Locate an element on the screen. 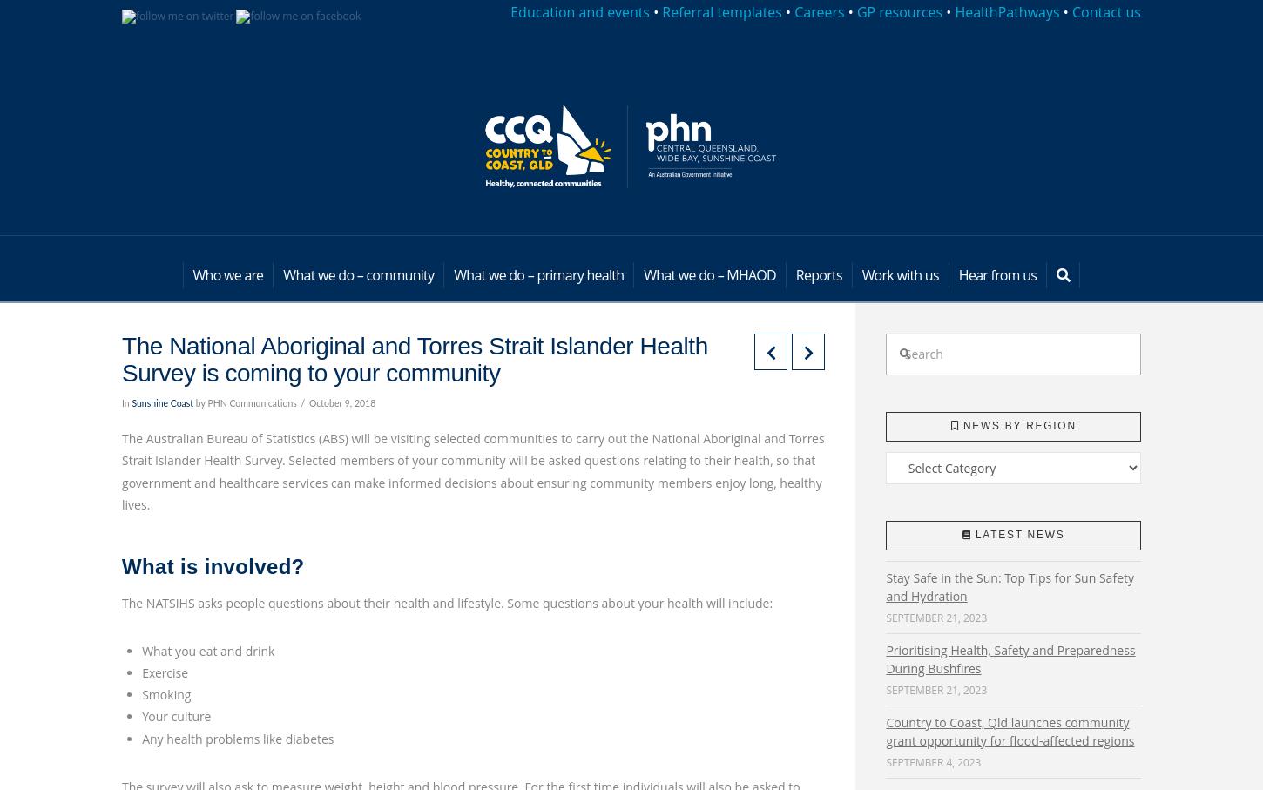 This screenshot has height=790, width=1263. 'Stay Safe in the Sun: Top Tips for Sun Safety and Hydration' is located at coordinates (1009, 585).